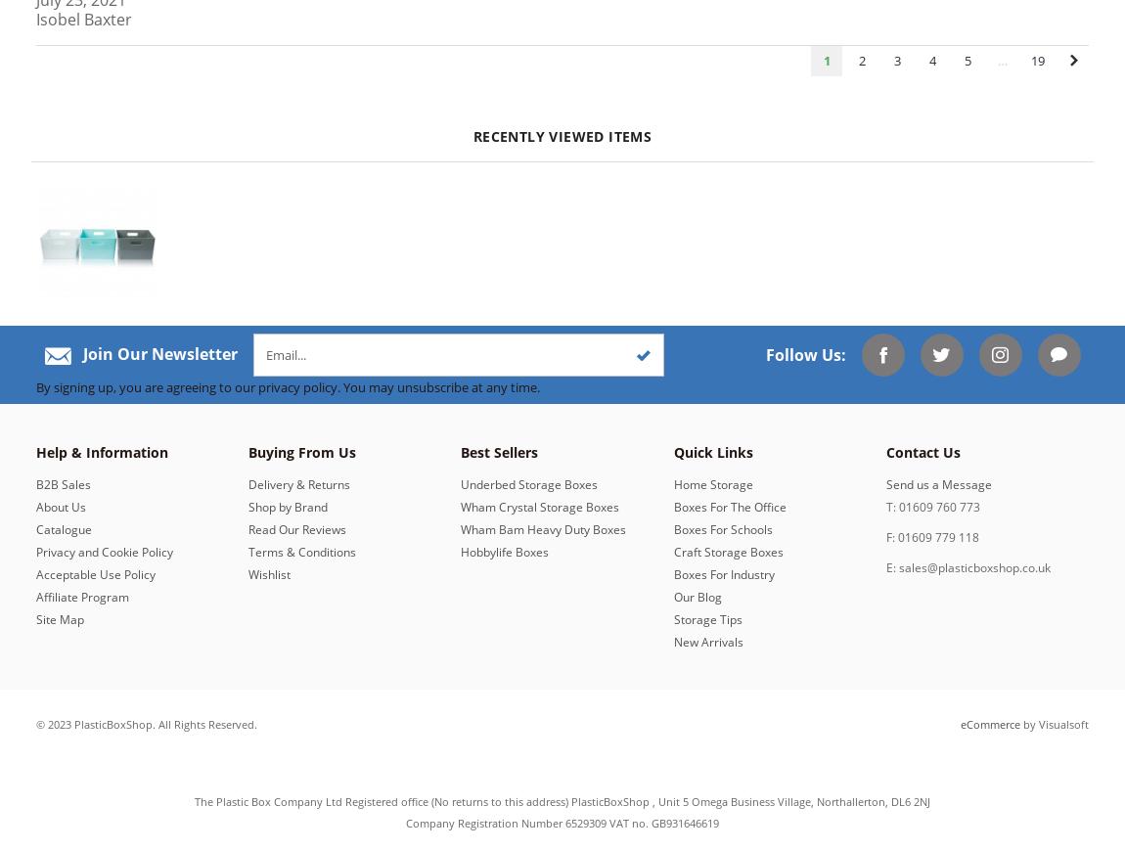 This screenshot has width=1125, height=851. Describe the element at coordinates (101, 451) in the screenshot. I see `'Help & Information'` at that location.